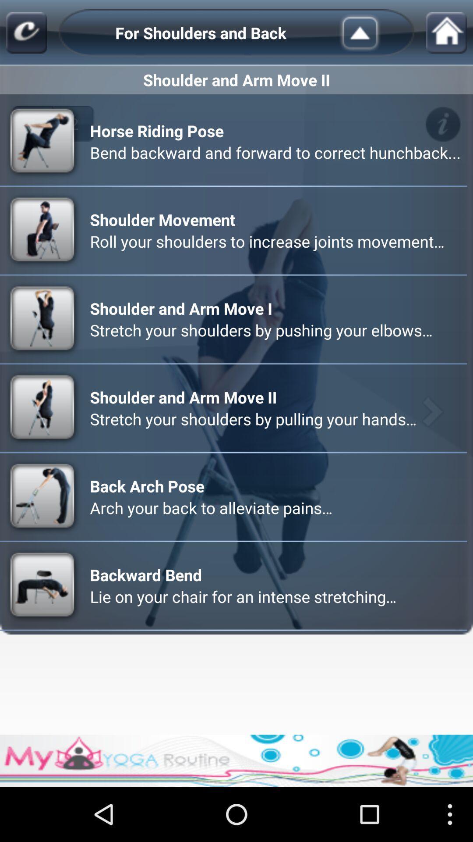  I want to click on the image beside text backward bend, so click(43, 585).